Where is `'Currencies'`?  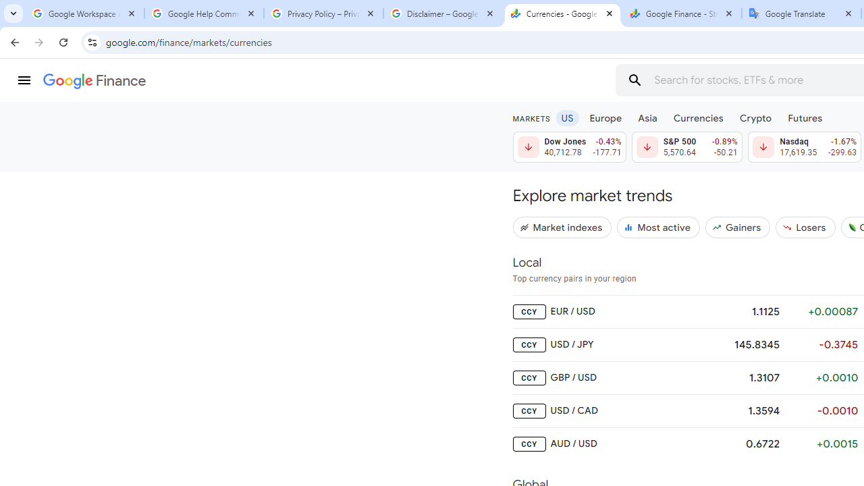
'Currencies' is located at coordinates (698, 117).